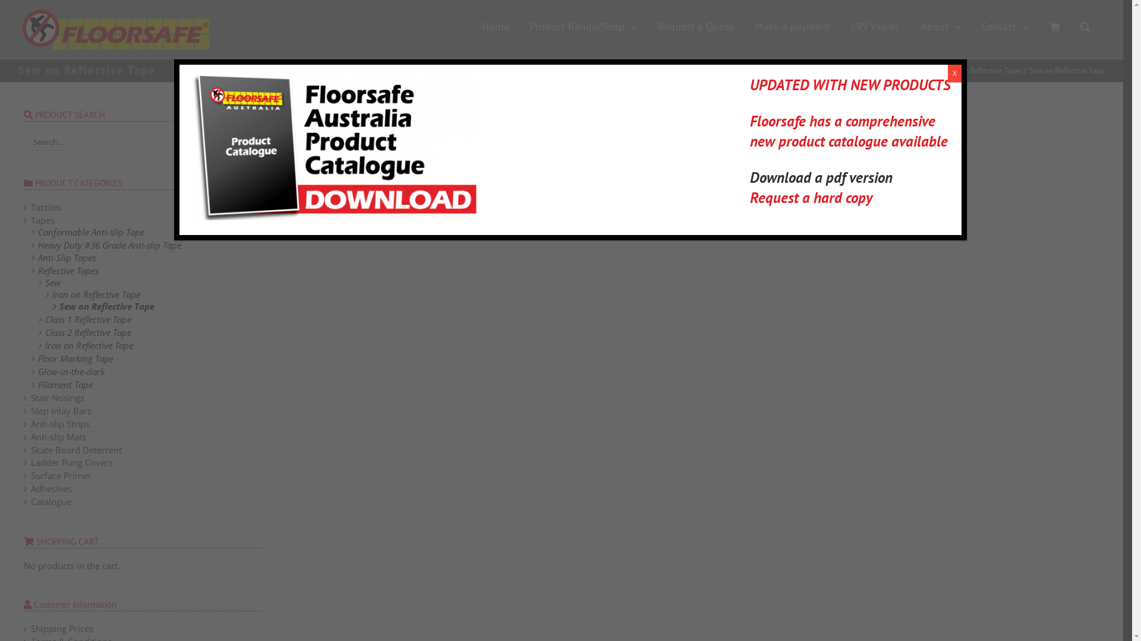 This screenshot has height=641, width=1141. What do you see at coordinates (71, 370) in the screenshot?
I see `'Glow-in-the-dark'` at bounding box center [71, 370].